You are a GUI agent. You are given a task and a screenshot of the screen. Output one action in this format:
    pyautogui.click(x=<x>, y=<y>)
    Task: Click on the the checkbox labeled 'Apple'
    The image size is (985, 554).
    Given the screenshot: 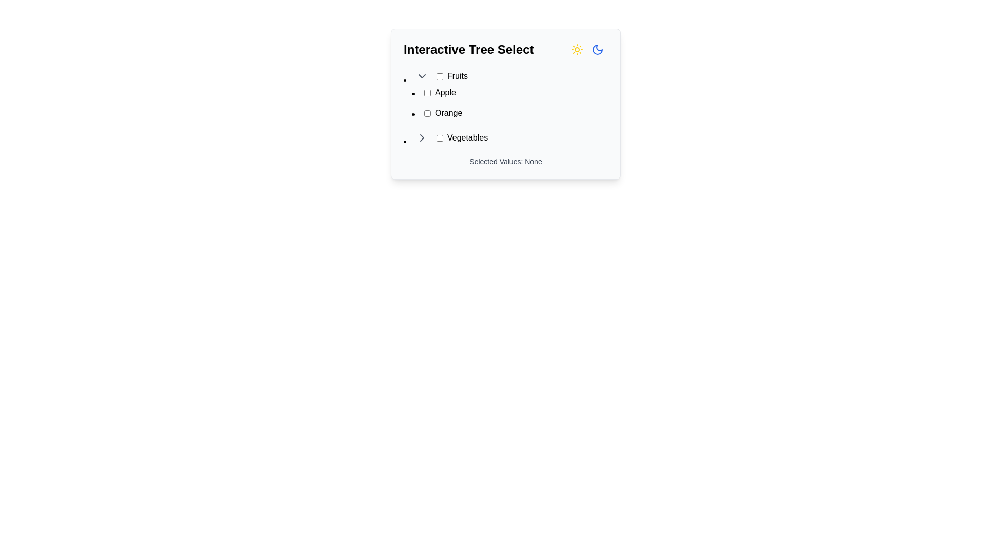 What is the action you would take?
    pyautogui.click(x=505, y=93)
    